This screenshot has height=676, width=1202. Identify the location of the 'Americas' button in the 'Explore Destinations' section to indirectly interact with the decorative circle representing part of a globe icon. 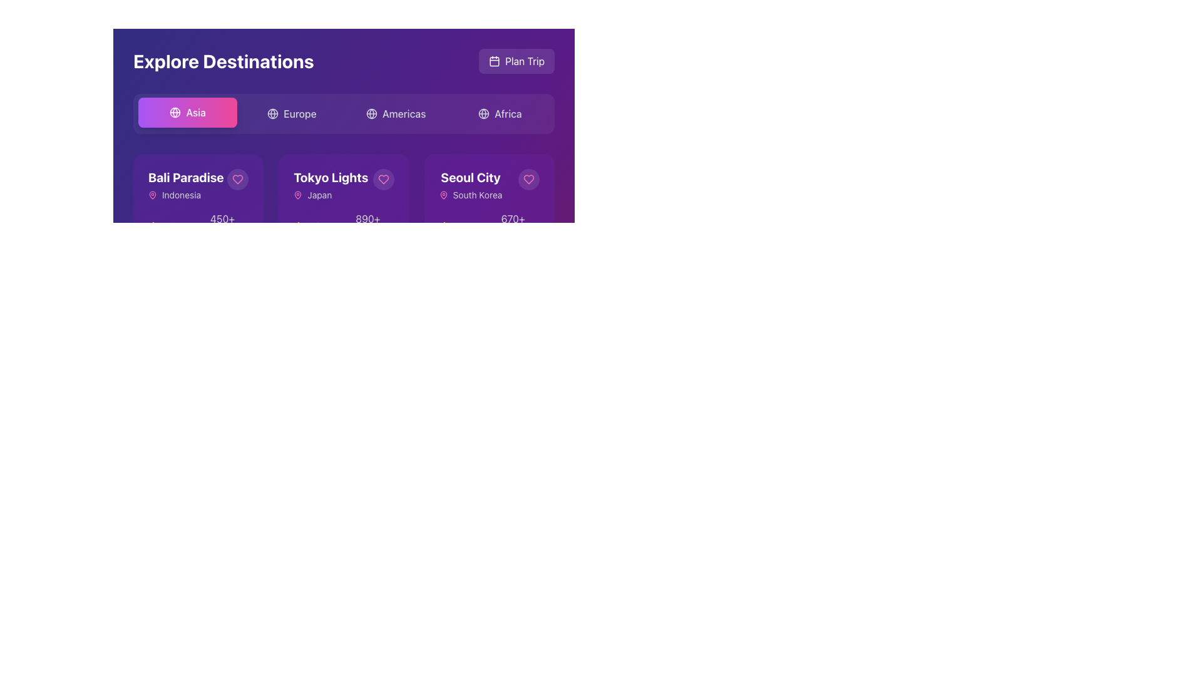
(371, 113).